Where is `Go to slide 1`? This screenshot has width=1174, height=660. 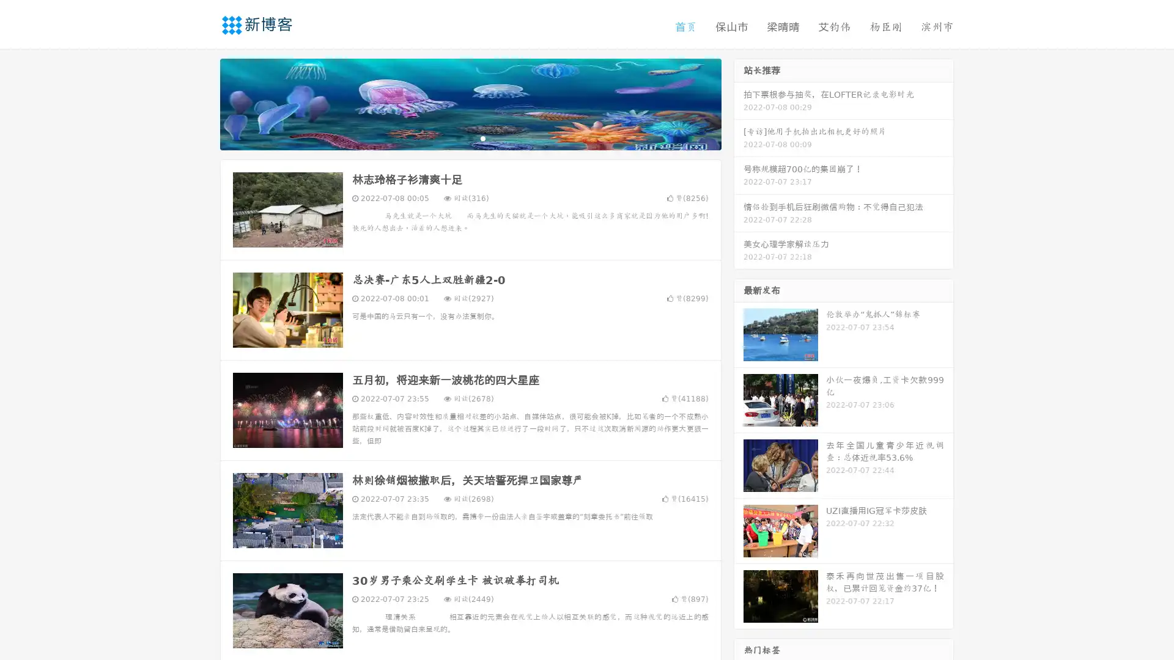 Go to slide 1 is located at coordinates (457, 137).